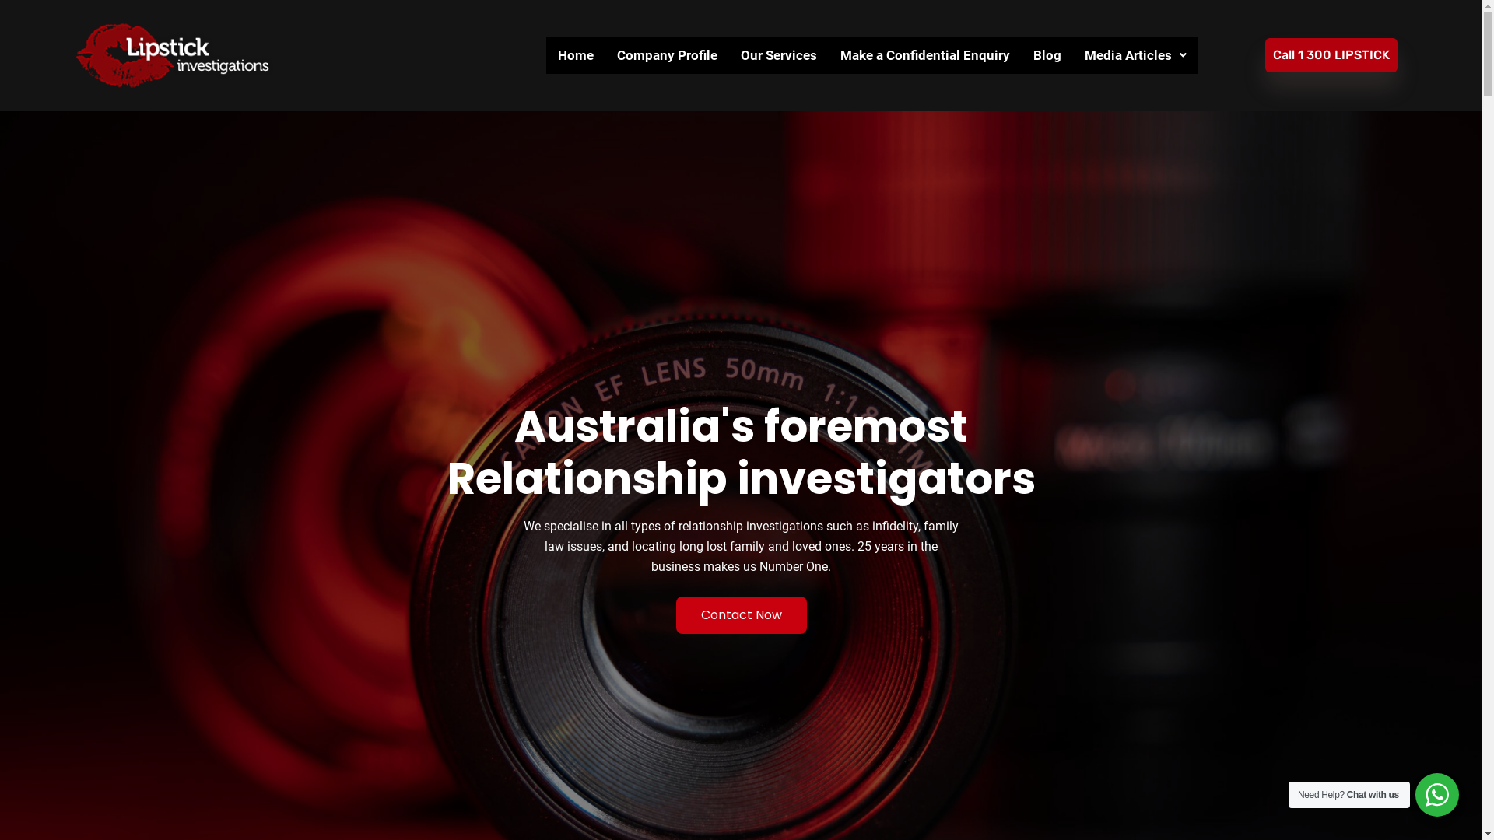 This screenshot has height=840, width=1494. Describe the element at coordinates (1047, 54) in the screenshot. I see `'Blog'` at that location.